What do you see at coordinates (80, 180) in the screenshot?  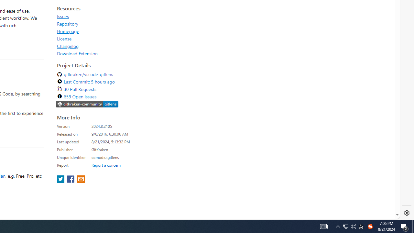 I see `'share extension on email'` at bounding box center [80, 180].